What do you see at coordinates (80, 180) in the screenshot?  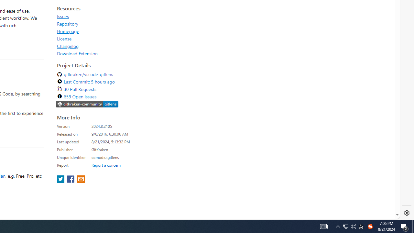 I see `'share extension on email'` at bounding box center [80, 180].